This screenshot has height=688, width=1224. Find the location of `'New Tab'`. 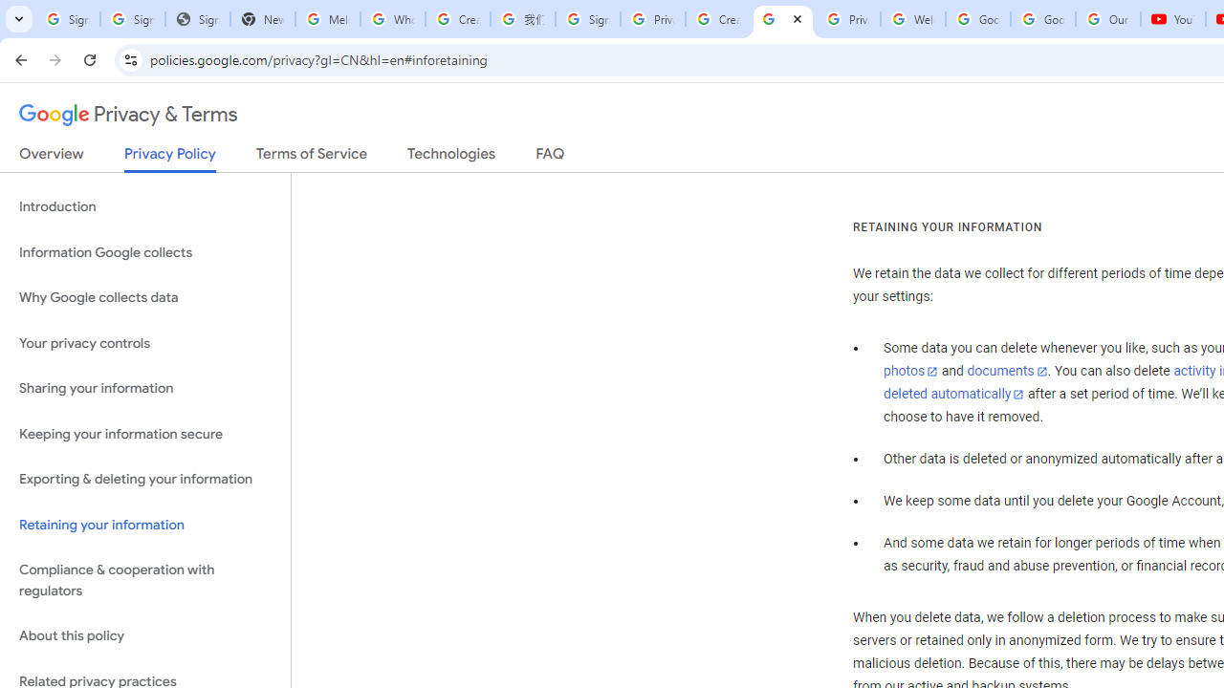

'New Tab' is located at coordinates (261, 19).